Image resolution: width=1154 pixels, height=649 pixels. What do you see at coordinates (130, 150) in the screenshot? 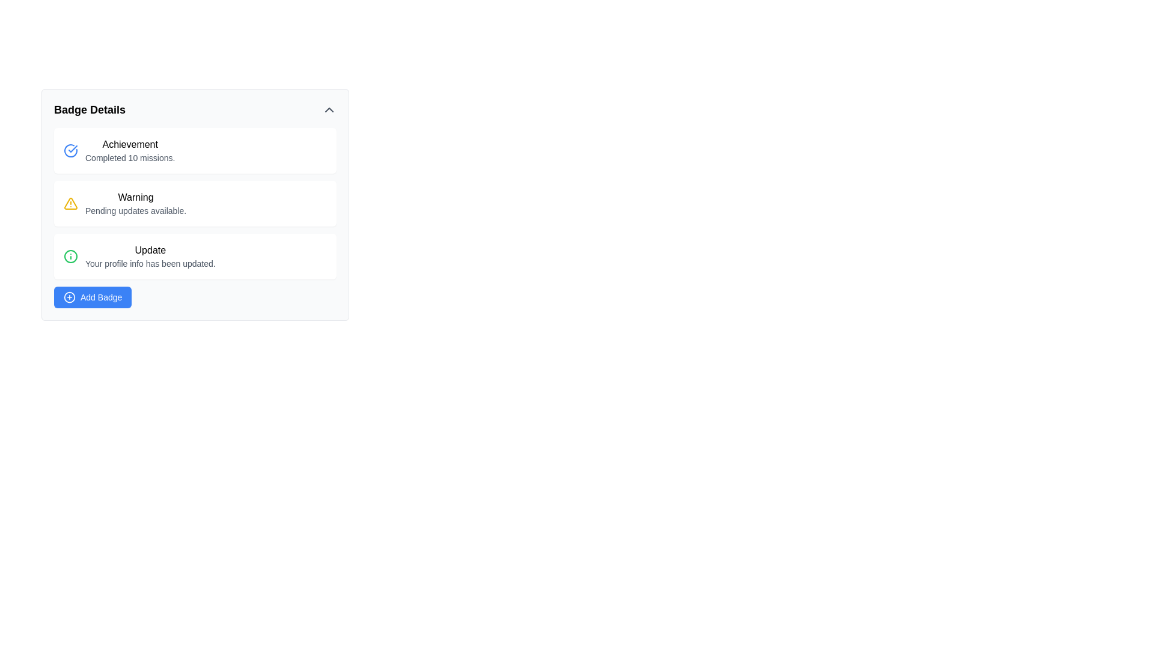
I see `information displayed in the text block titled 'Achievement', which shows 'Completed 10 missions.'` at bounding box center [130, 150].